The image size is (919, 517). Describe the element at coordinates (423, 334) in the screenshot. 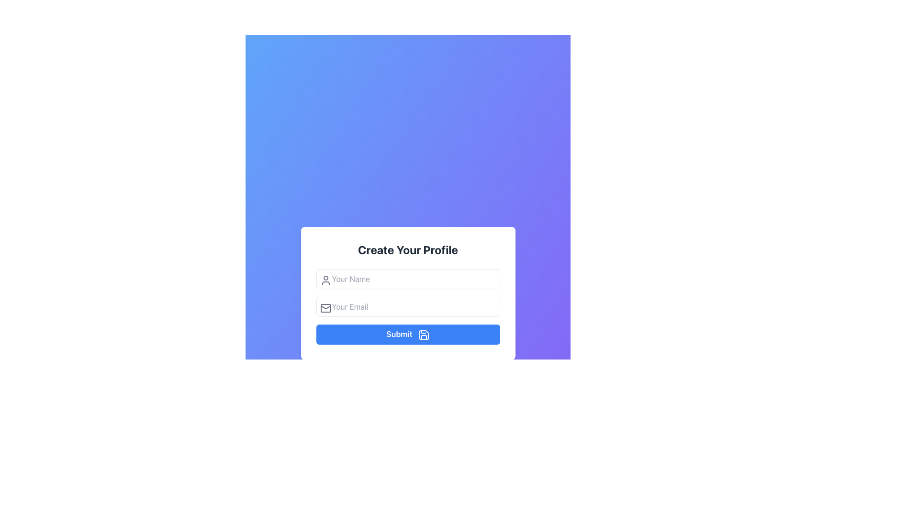

I see `the graphical diskette save icon located next to the 'Submit' button in the form section` at that location.